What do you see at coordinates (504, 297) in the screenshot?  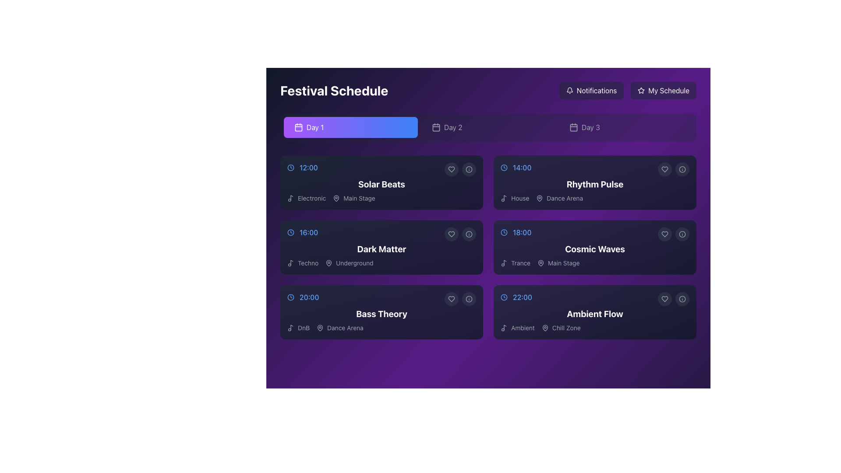 I see `the icon located in the top-left corner of the '22:00' time label, which visually represents the time for the 'Ambient Flow' event` at bounding box center [504, 297].